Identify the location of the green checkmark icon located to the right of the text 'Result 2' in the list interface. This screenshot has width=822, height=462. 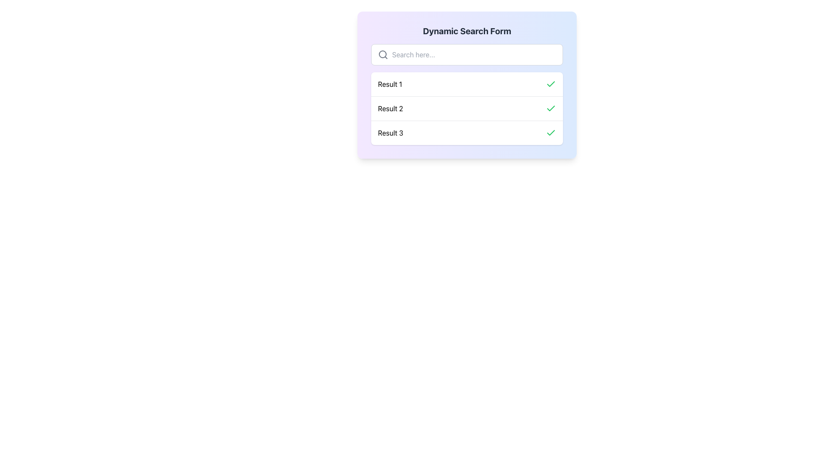
(551, 108).